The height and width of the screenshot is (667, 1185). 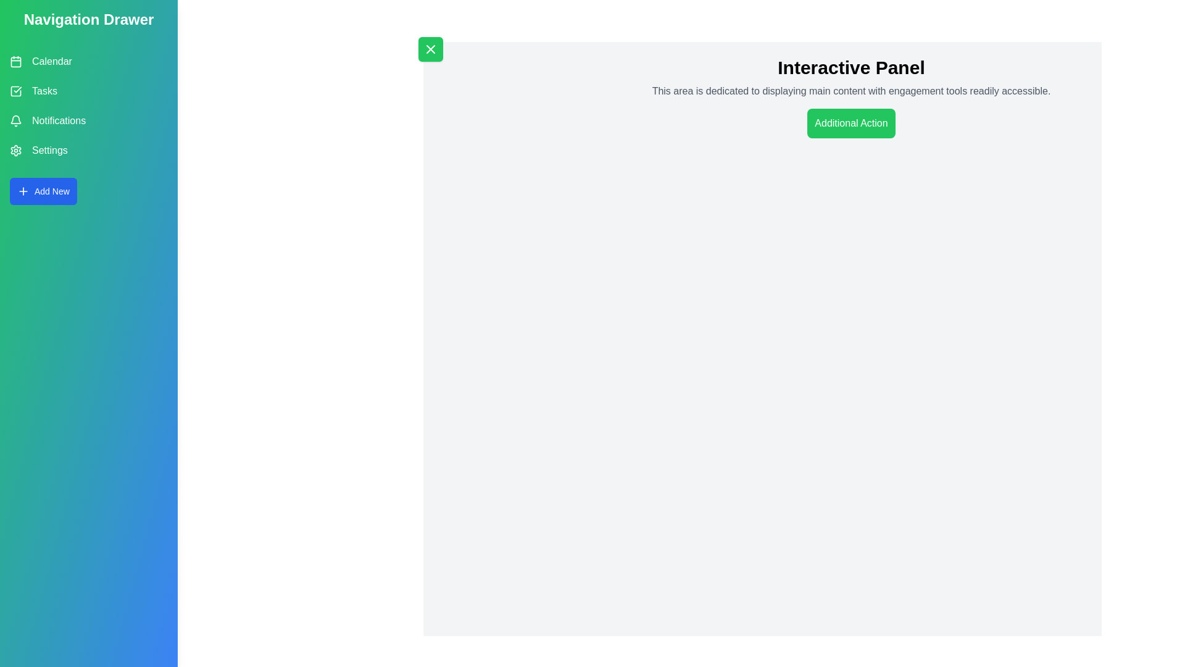 I want to click on the Close Icon, which is a diagonal cross (X) located inside a green circular button in the top-right corner of the interface, so click(x=430, y=49).